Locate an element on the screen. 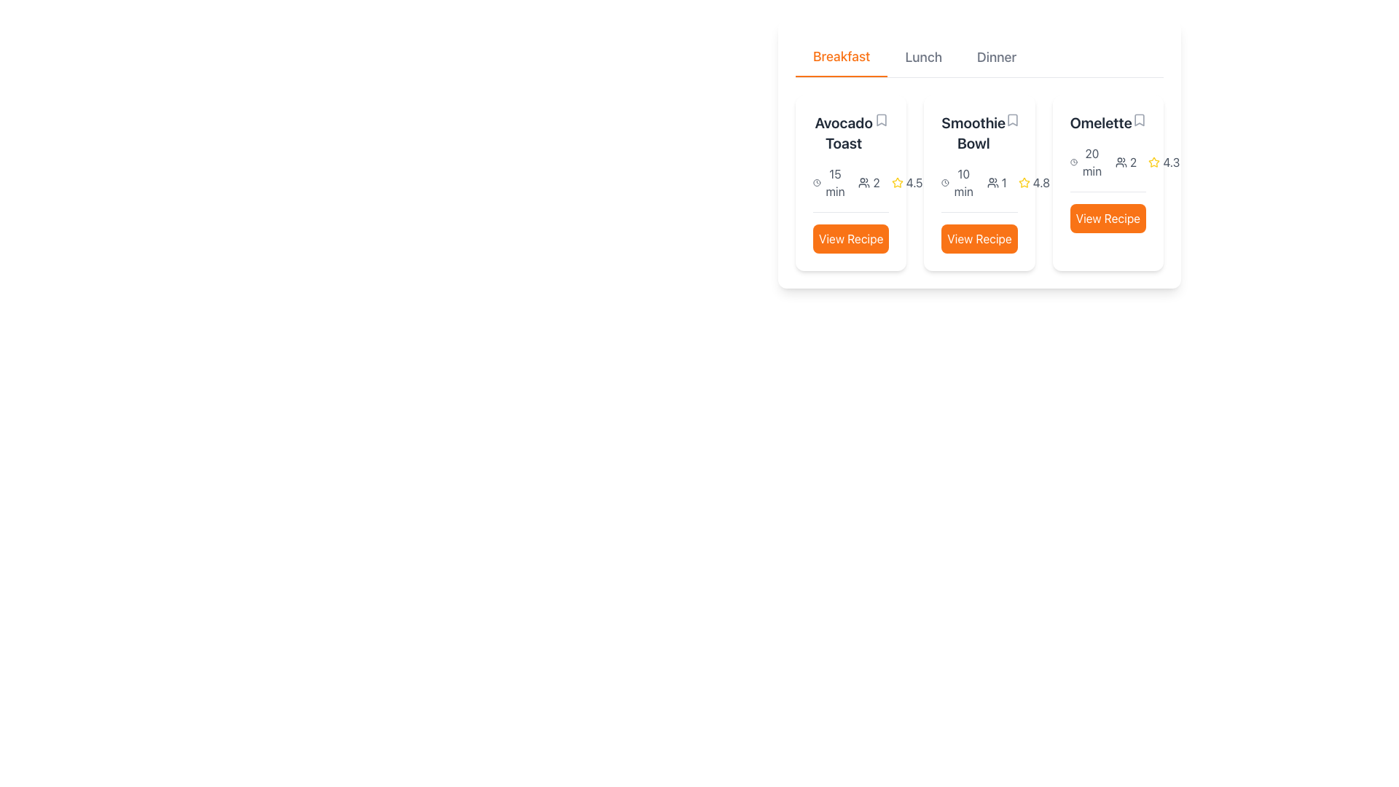 This screenshot has width=1399, height=787. the text label displaying the preparation time '20 min' within the 'Omelette' recipe card, located centrally between an icon and a user count indicator is located at coordinates (1092, 163).